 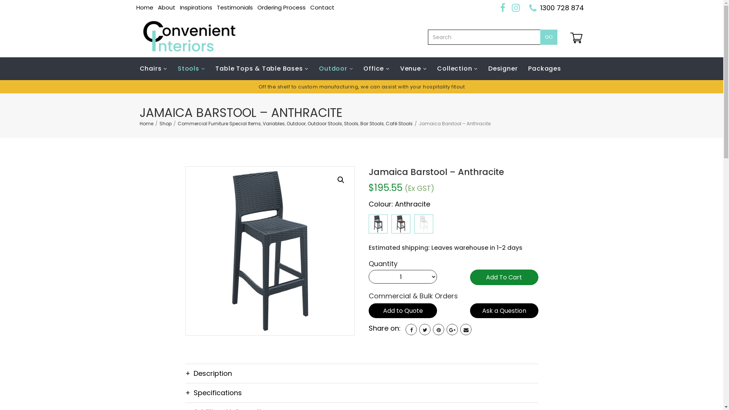 What do you see at coordinates (401, 224) in the screenshot?
I see `'Jamaica Barstool - Chocolate'` at bounding box center [401, 224].